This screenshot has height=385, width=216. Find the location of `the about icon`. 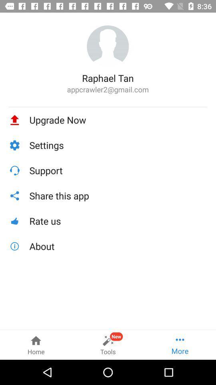

the about icon is located at coordinates (118, 246).